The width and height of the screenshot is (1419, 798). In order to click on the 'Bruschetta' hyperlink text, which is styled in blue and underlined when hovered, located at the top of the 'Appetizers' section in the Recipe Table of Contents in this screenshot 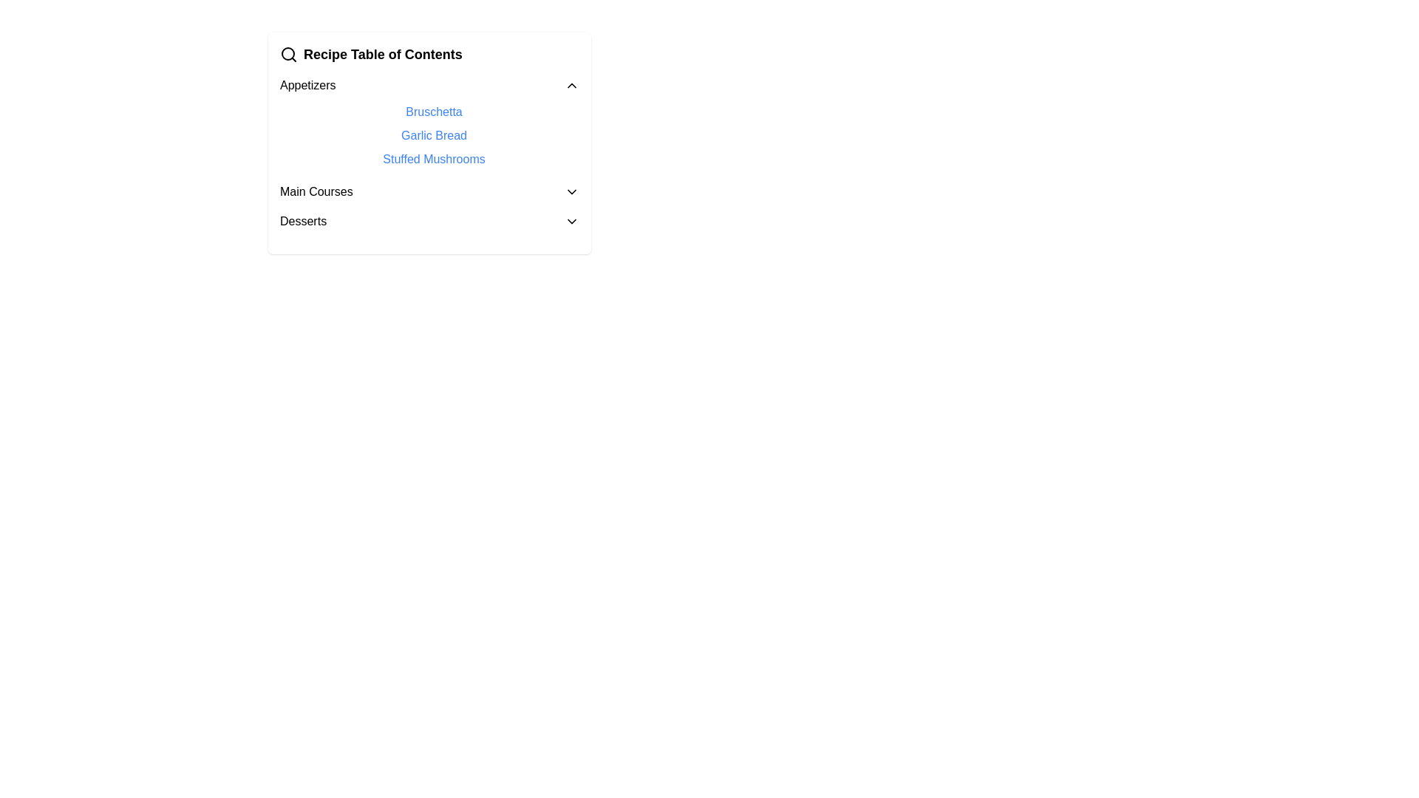, I will do `click(435, 111)`.